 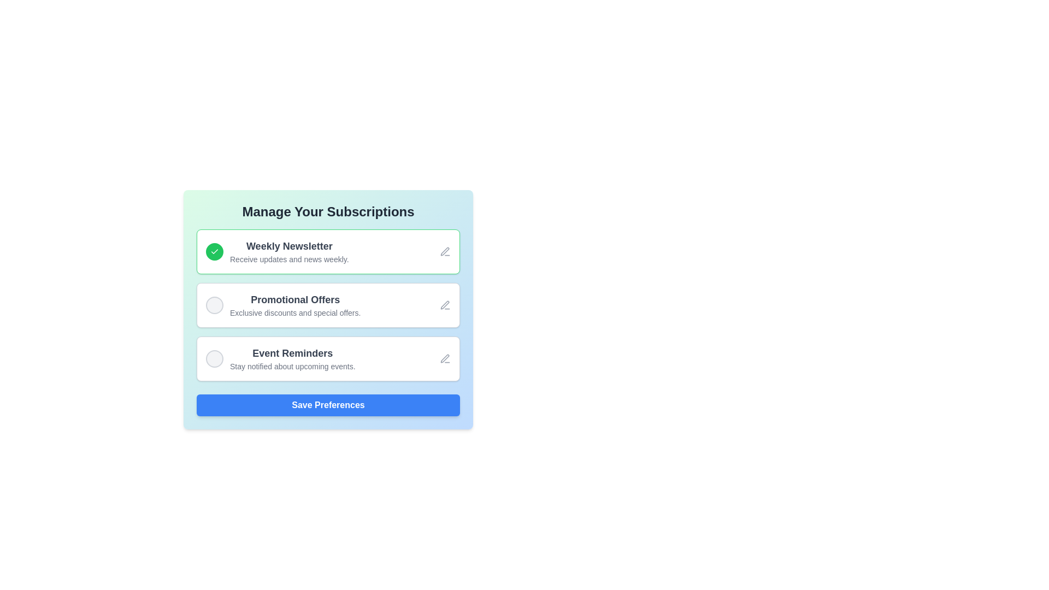 I want to click on the title 'Weekly Newsletter', so click(x=277, y=252).